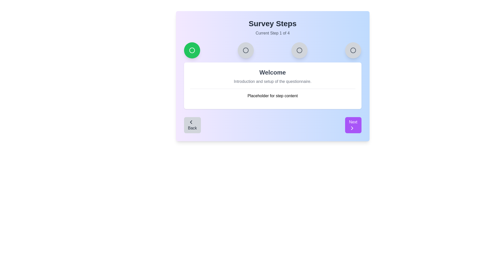  What do you see at coordinates (272, 50) in the screenshot?
I see `the step progression indicator, which consists of a horizontal group of circular step indicators with the first circle in green and the rest in gray, located beneath the text 'Current Step 1 of 4'` at bounding box center [272, 50].